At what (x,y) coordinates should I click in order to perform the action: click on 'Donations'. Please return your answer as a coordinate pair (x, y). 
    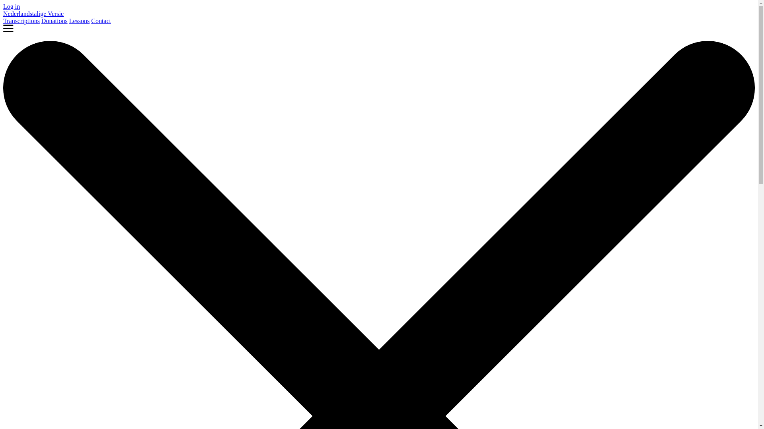
    Looking at the image, I should click on (41, 20).